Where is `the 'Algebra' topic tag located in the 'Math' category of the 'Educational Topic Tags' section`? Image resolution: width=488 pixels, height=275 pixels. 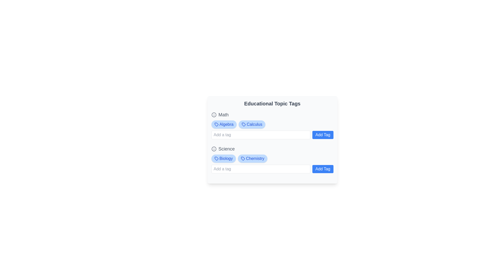
the 'Algebra' topic tag located in the 'Math' category of the 'Educational Topic Tags' section is located at coordinates (224, 125).